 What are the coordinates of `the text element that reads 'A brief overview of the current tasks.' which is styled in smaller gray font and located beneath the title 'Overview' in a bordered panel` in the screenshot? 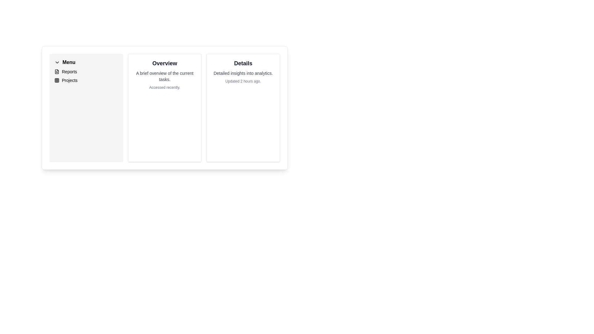 It's located at (165, 76).